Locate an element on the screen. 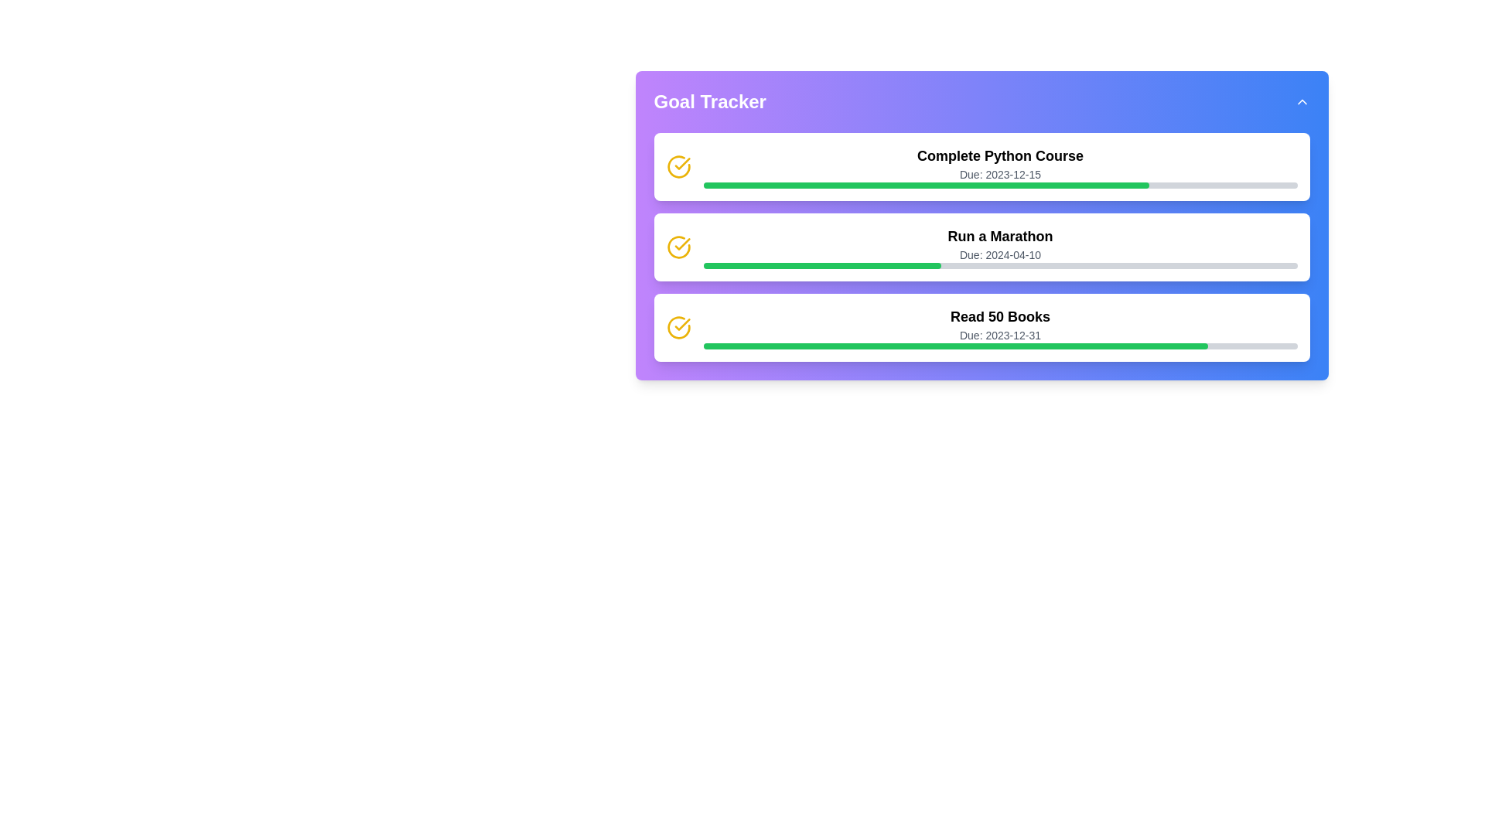 The image size is (1485, 835). the upward-pointing chevron icon in the top-right corner of the 'Goal Tracker' interface is located at coordinates (1301, 101).